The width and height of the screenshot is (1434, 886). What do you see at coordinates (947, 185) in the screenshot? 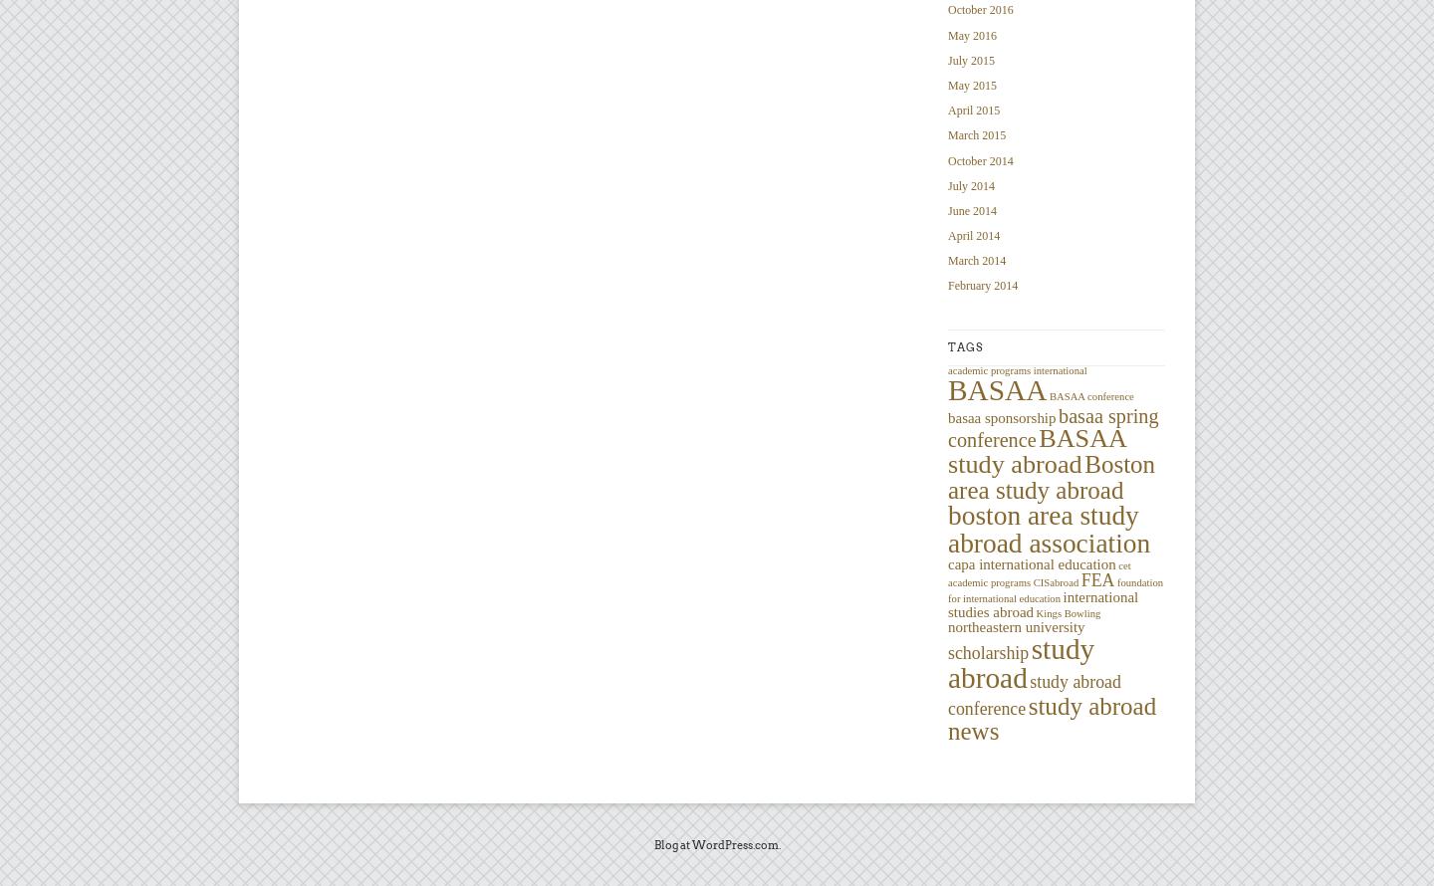
I see `'July 2014'` at bounding box center [947, 185].